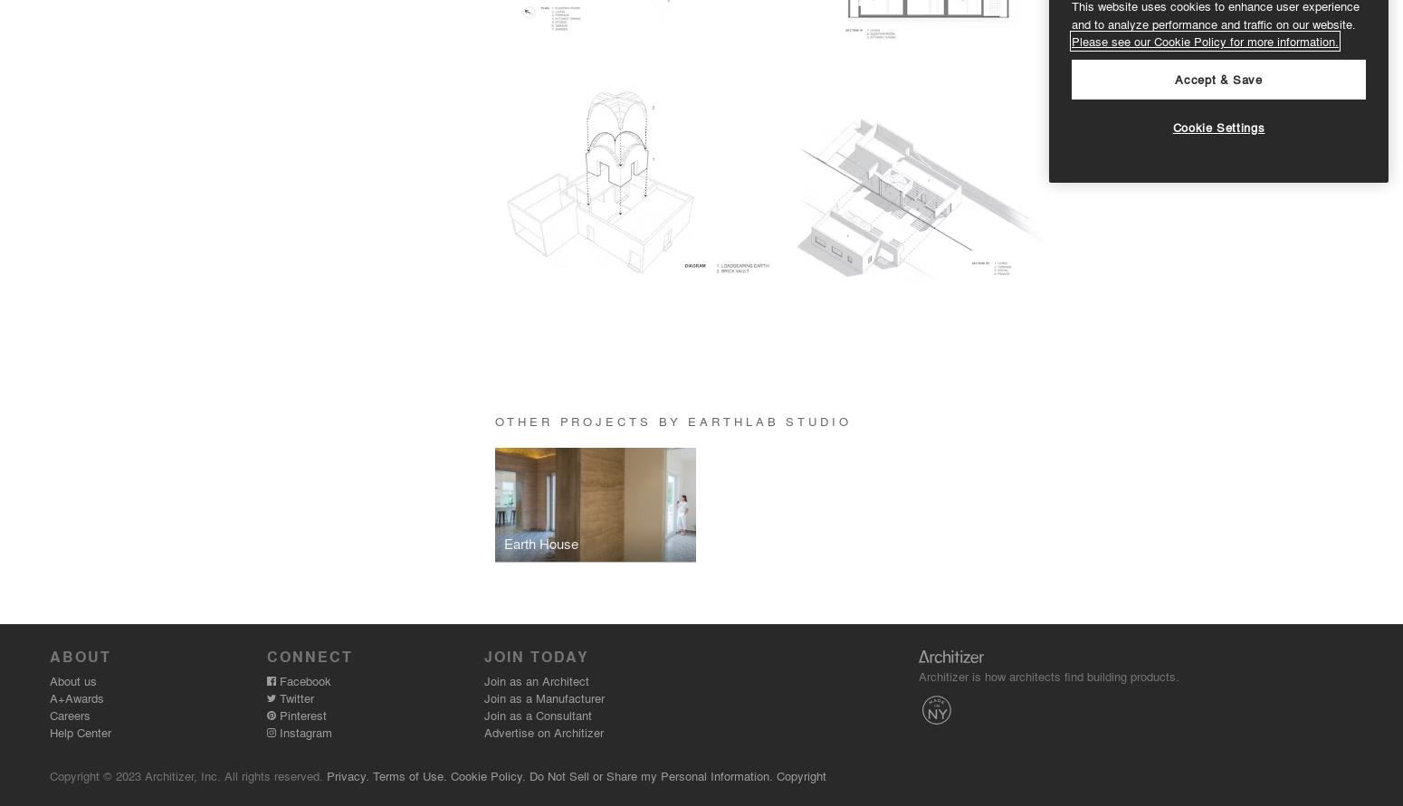  What do you see at coordinates (69, 715) in the screenshot?
I see `'Careers'` at bounding box center [69, 715].